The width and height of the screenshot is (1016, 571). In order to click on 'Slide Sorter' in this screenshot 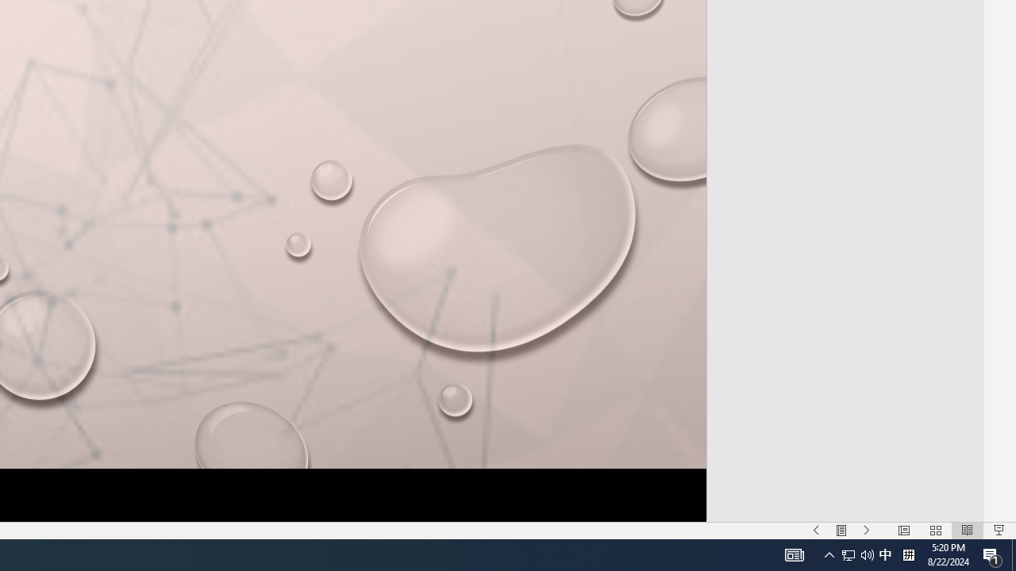, I will do `click(935, 531)`.